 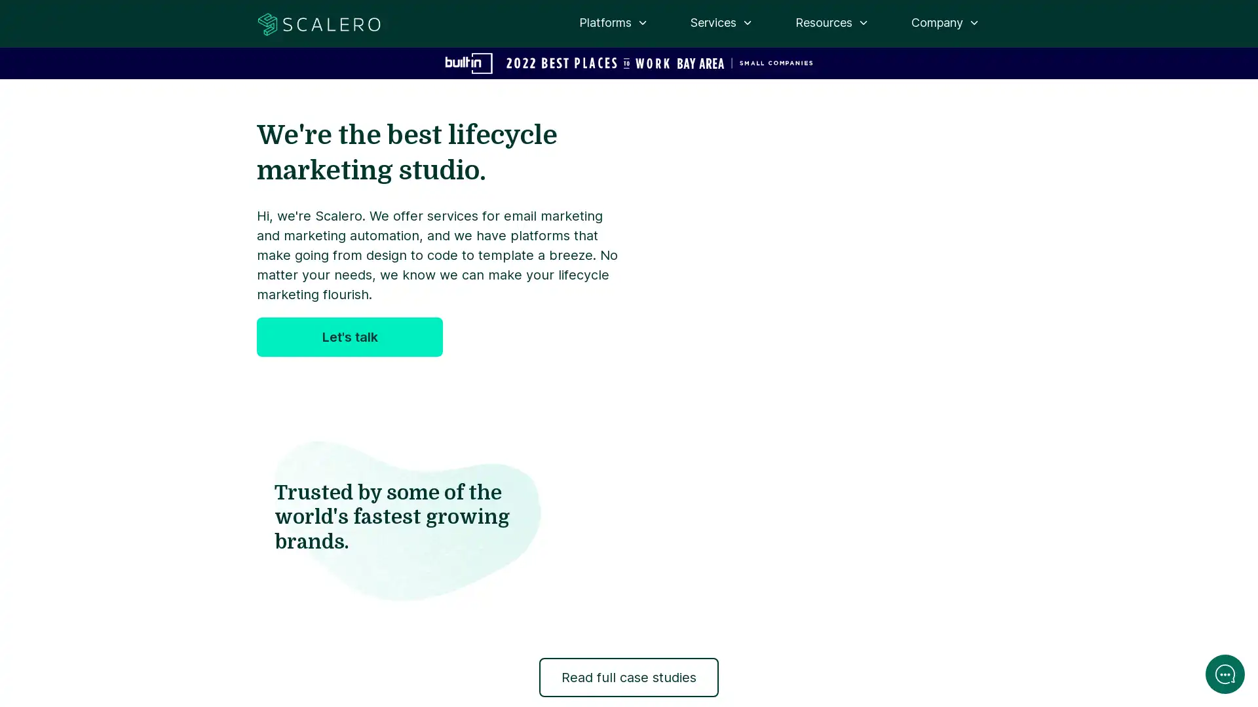 What do you see at coordinates (349, 335) in the screenshot?
I see `Let's talk` at bounding box center [349, 335].